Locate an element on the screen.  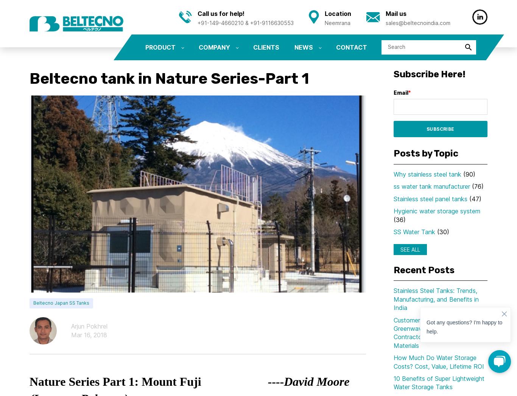
'Subscribe Here!' is located at coordinates (429, 74).